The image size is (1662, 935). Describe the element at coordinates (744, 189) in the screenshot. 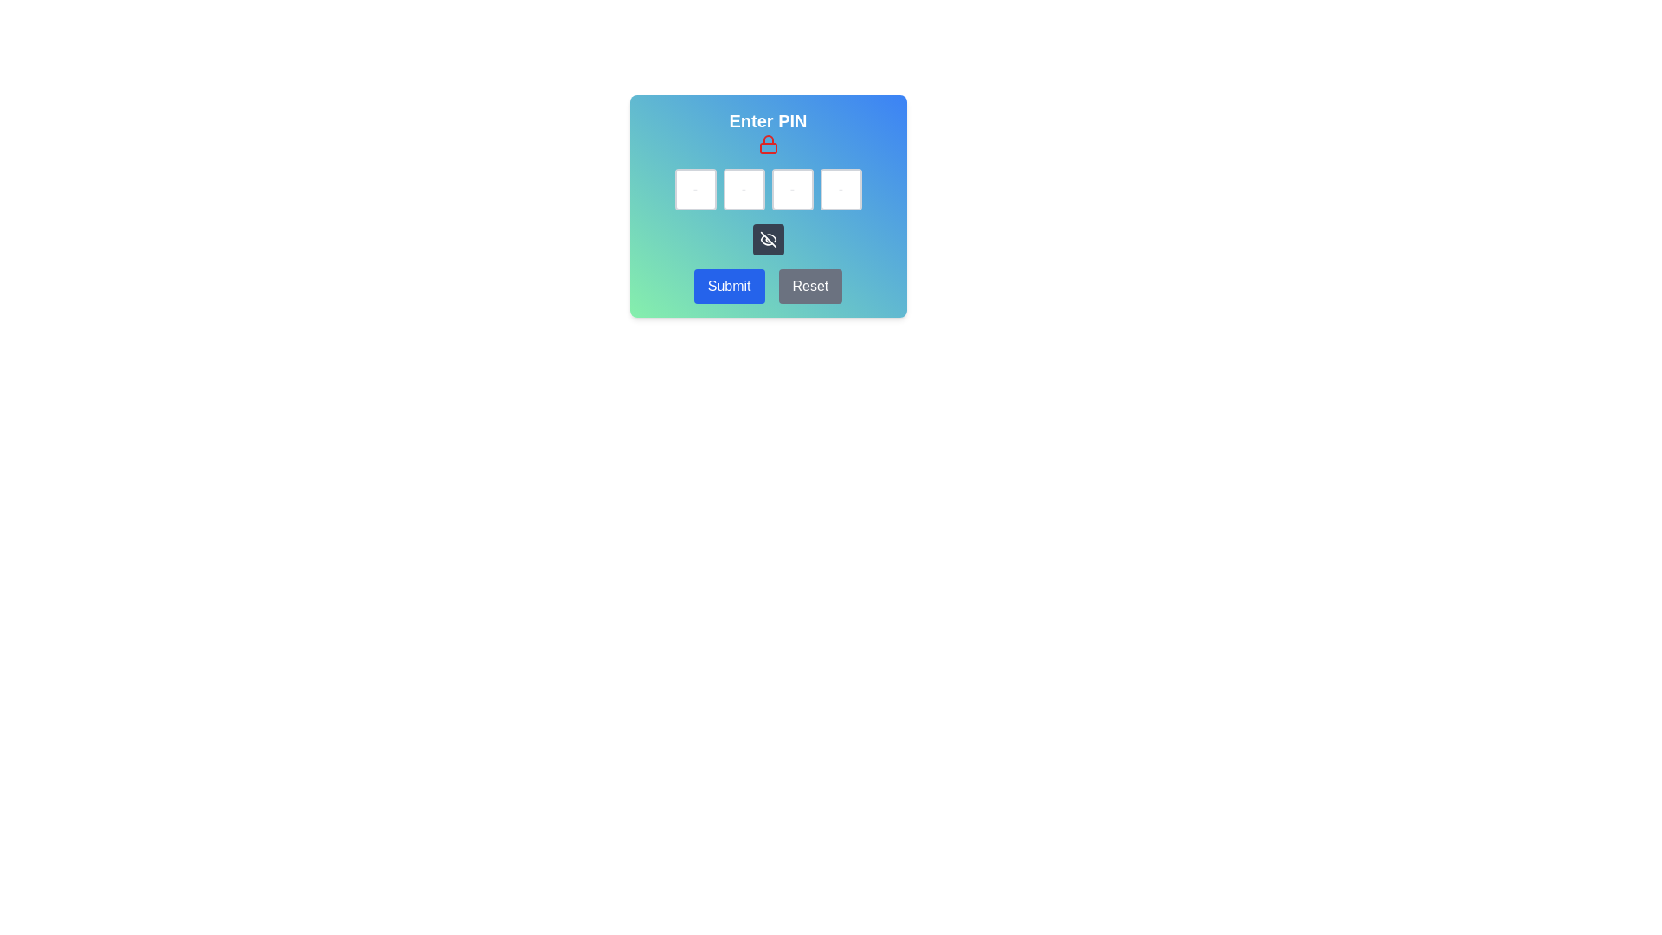

I see `the Password input field, which is a small, square-shaped input field with a white background and gray border, to focus on it for entering a PIN code` at that location.